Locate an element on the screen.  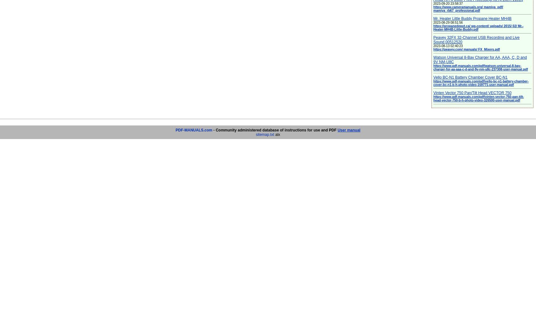
'User manual' is located at coordinates (348, 130).